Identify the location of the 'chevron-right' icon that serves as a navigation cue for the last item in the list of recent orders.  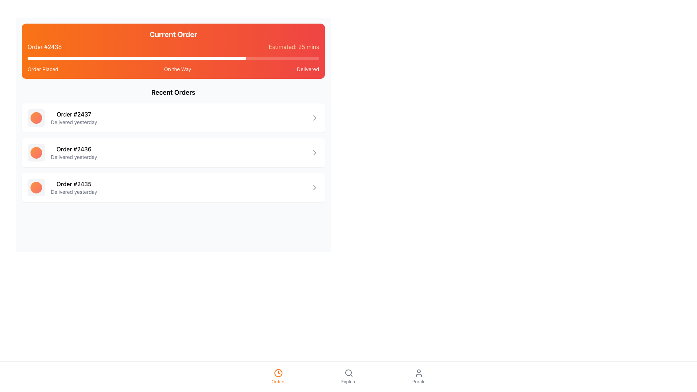
(315, 187).